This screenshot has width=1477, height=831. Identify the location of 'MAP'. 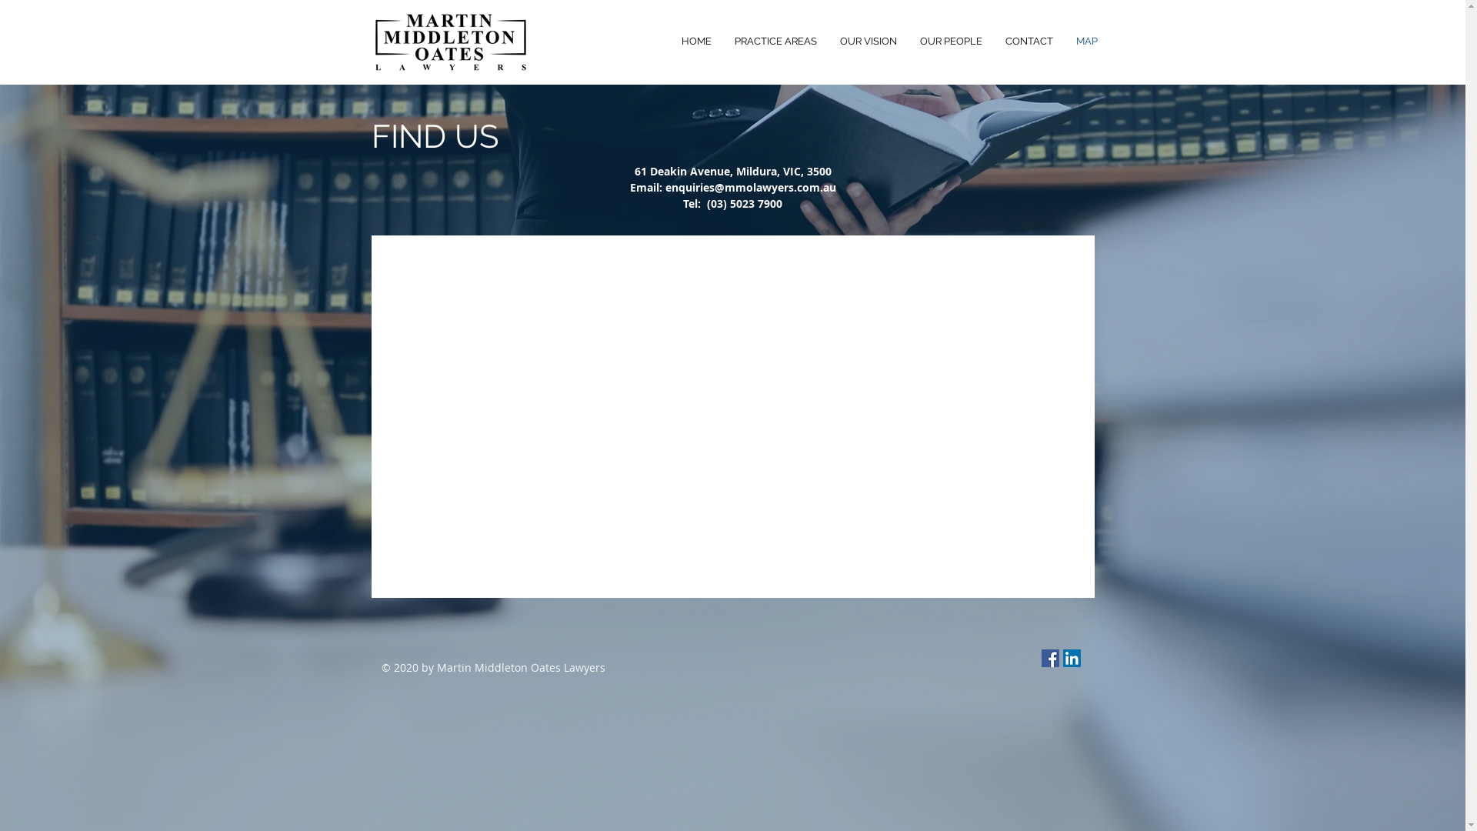
(1085, 41).